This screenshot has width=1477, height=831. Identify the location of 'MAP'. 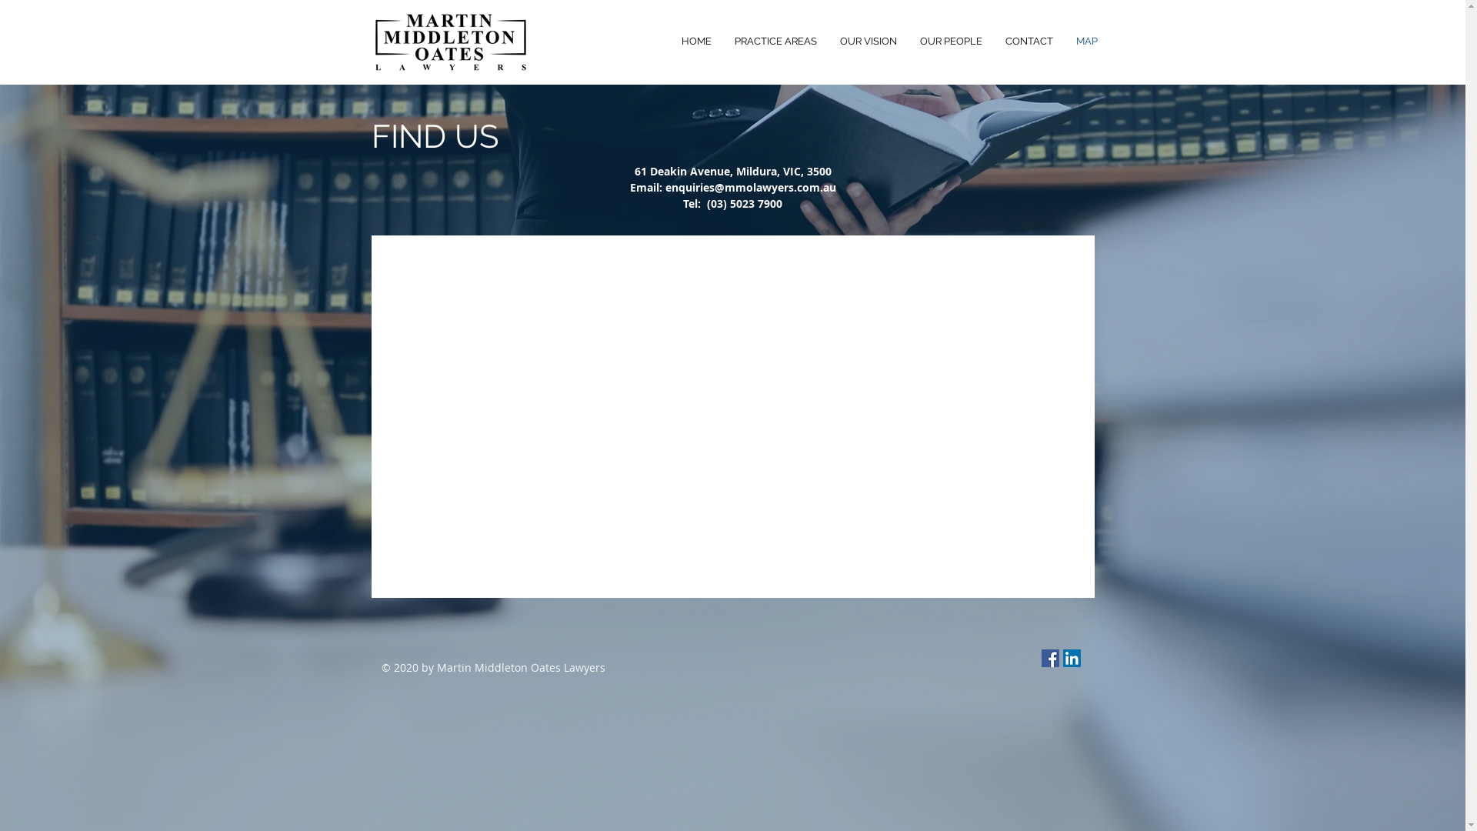
(1085, 41).